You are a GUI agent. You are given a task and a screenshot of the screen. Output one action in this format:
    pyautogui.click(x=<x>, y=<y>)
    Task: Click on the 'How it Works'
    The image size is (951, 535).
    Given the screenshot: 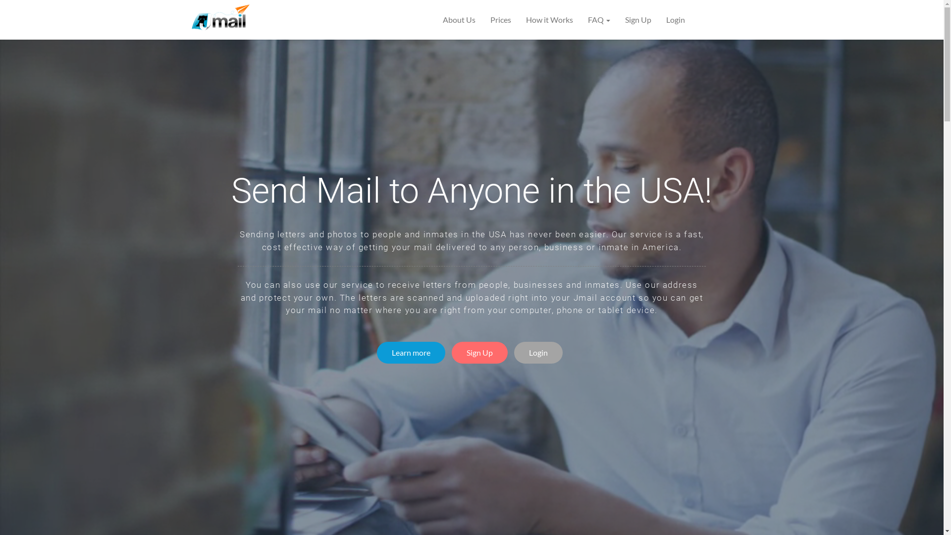 What is the action you would take?
    pyautogui.click(x=548, y=19)
    